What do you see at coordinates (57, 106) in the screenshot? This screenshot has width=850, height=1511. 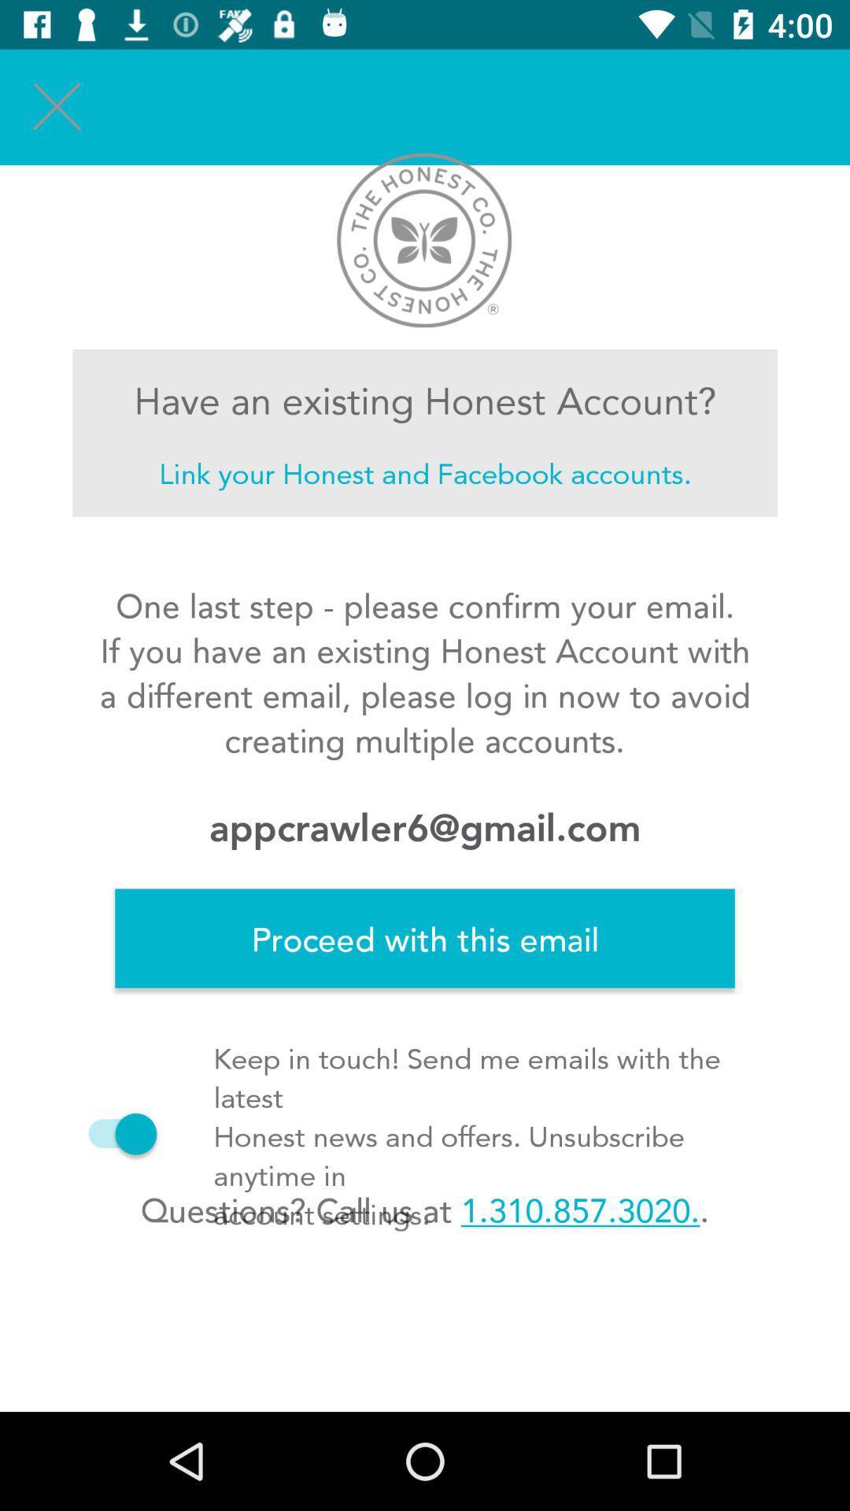 I see `icon at the top left corner` at bounding box center [57, 106].